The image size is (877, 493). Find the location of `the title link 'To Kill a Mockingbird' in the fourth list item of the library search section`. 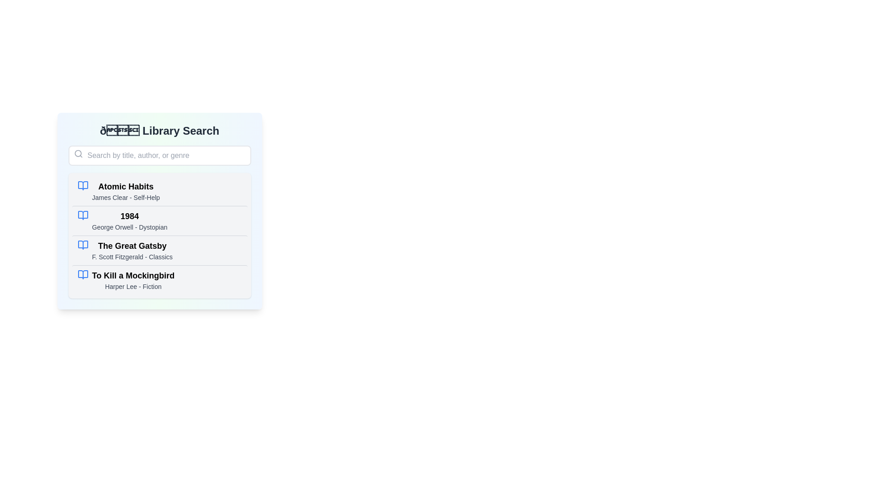

the title link 'To Kill a Mockingbird' in the fourth list item of the library search section is located at coordinates (132, 279).